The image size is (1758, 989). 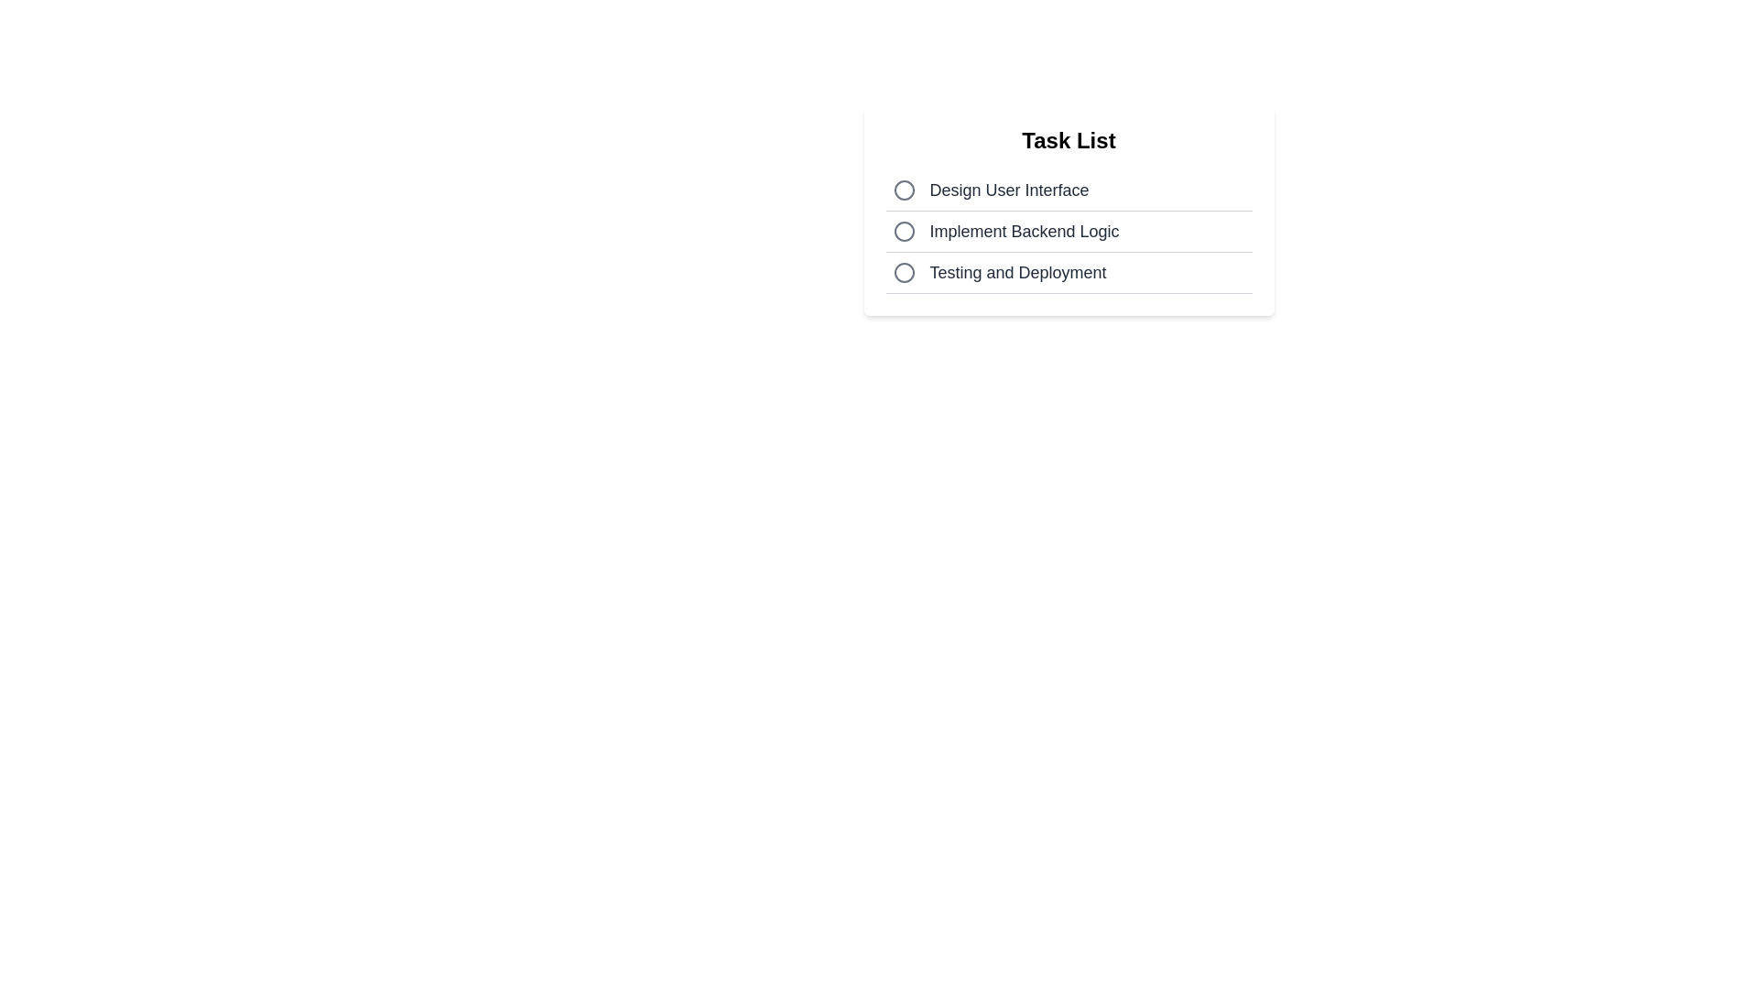 I want to click on the static label representing a specific task in the task list, located in the second row and to the right of a round checkbox, so click(x=1023, y=231).